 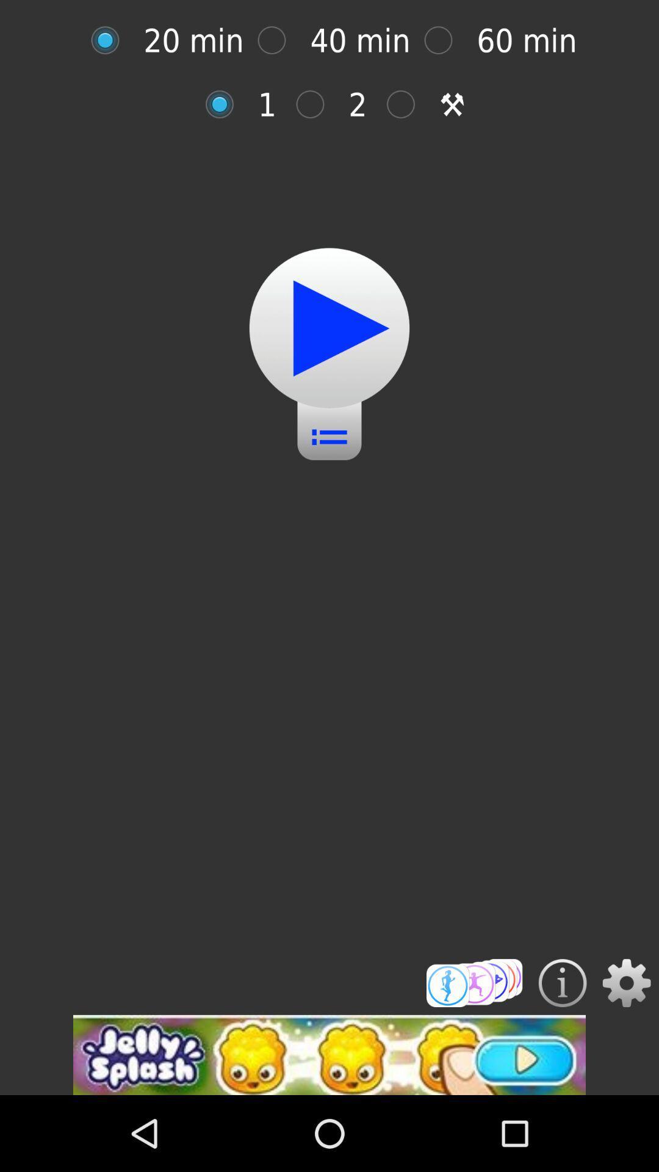 What do you see at coordinates (329, 1054) in the screenshot?
I see `advertisement` at bounding box center [329, 1054].